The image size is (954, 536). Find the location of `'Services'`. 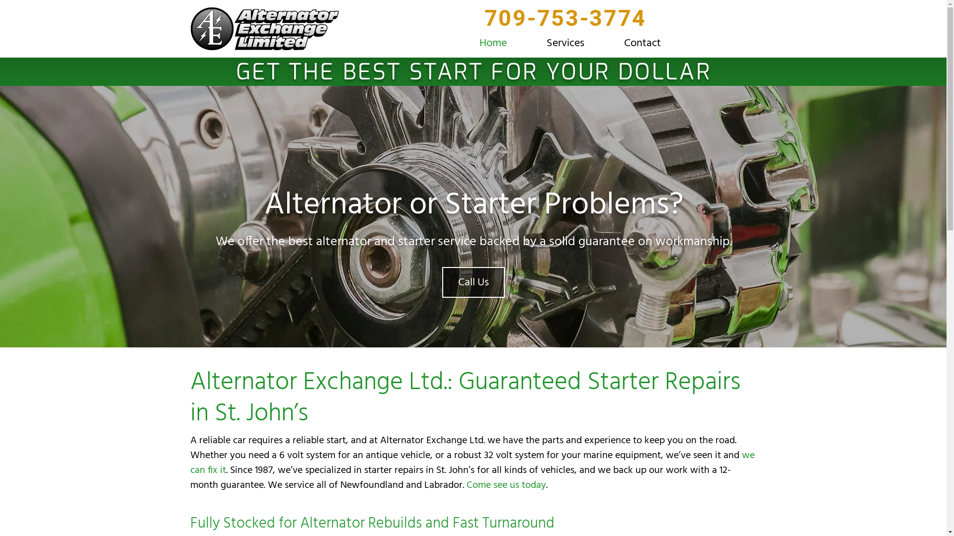

'Services' is located at coordinates (565, 40).